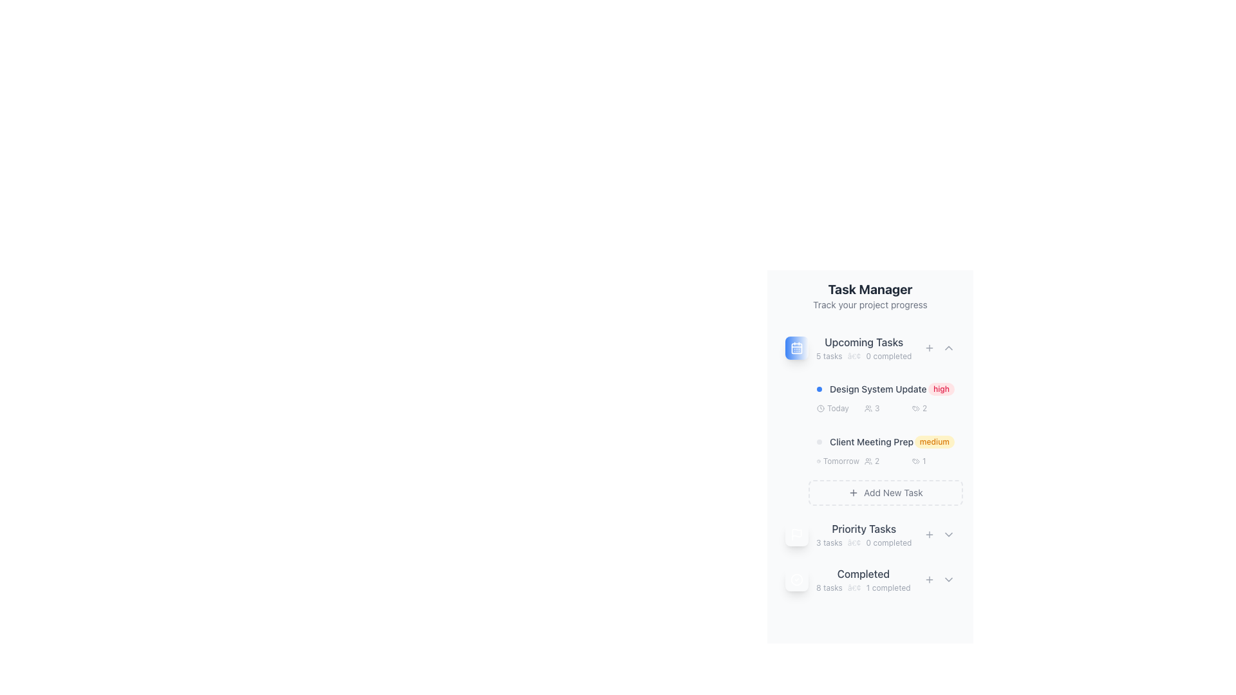 The height and width of the screenshot is (695, 1236). What do you see at coordinates (864, 528) in the screenshot?
I see `the text label that serves as a category title for 'Priority Tasks', located above the text '3 tasks • 0 completed'` at bounding box center [864, 528].